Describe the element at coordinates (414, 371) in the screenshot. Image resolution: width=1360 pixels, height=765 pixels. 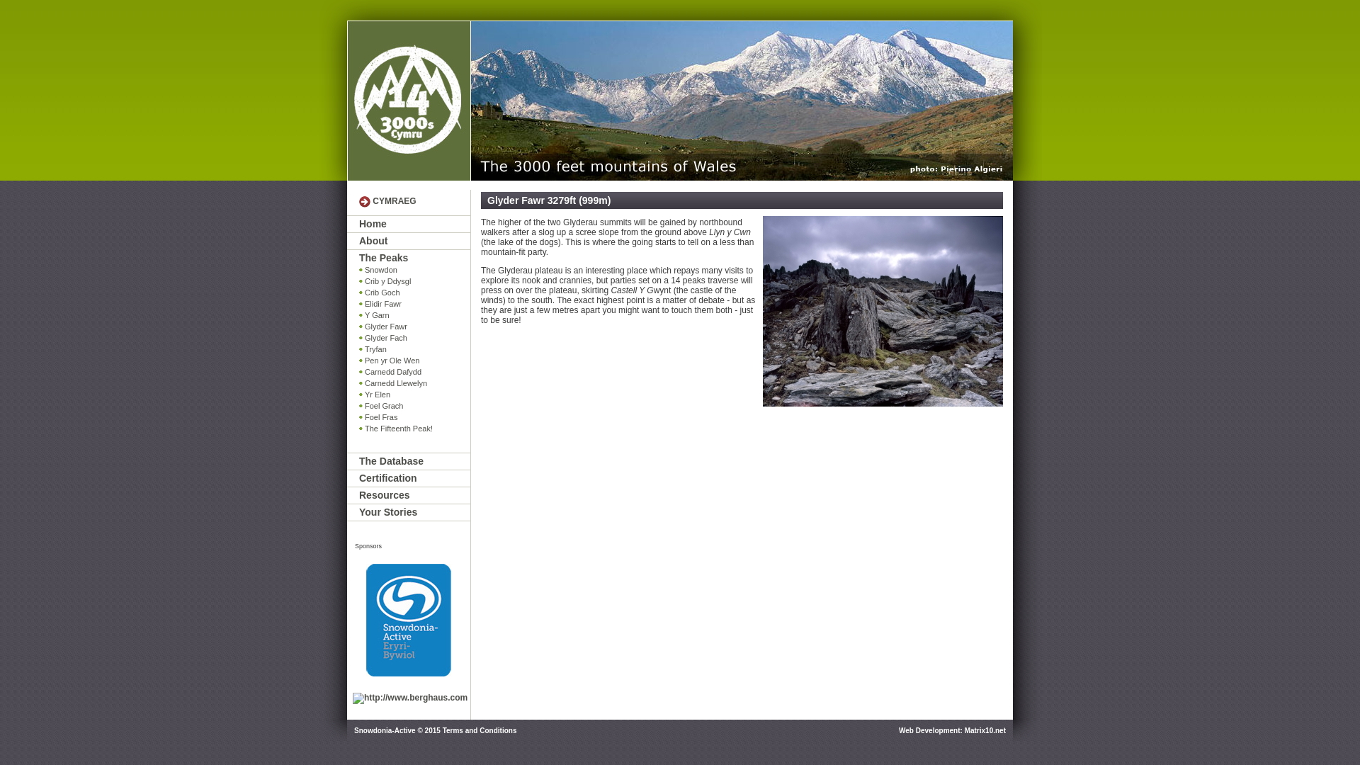
I see `'Carnedd Dafydd'` at that location.